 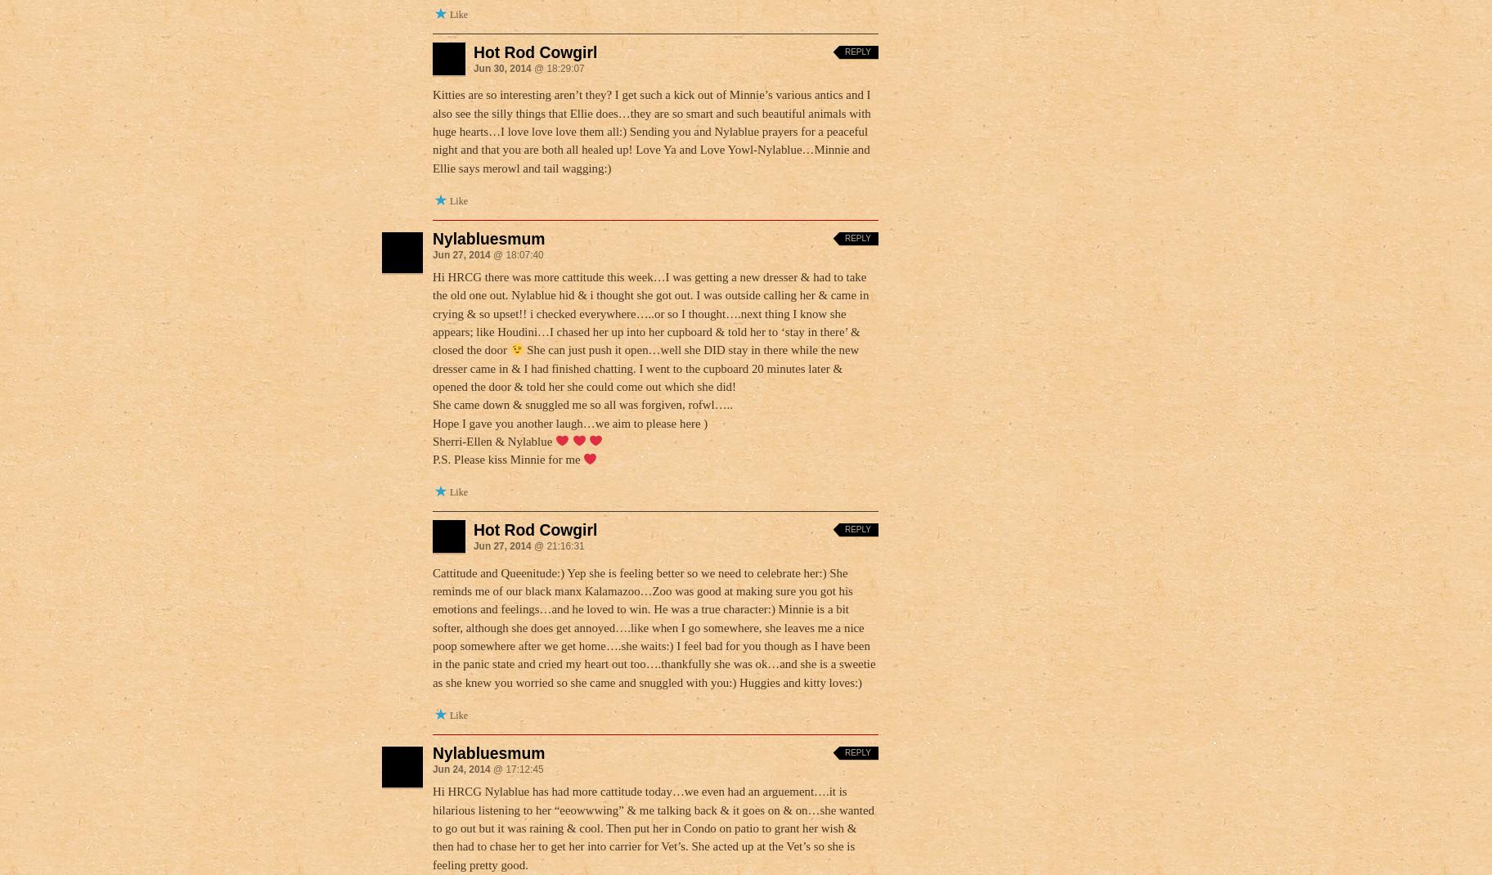 I want to click on 'Hi HRCG there was more cattitude this week…I was getting a new dresser & had to take the old one out. Nylablue hid & i thought she got out. I was outside calling her & came in crying & so upset!! i checked everywhere…..or so I thought….next thing I know she appears; like Houdini…I chased her up into her cupboard & told her to ‘stay in there’ & closed the door', so click(x=650, y=312).